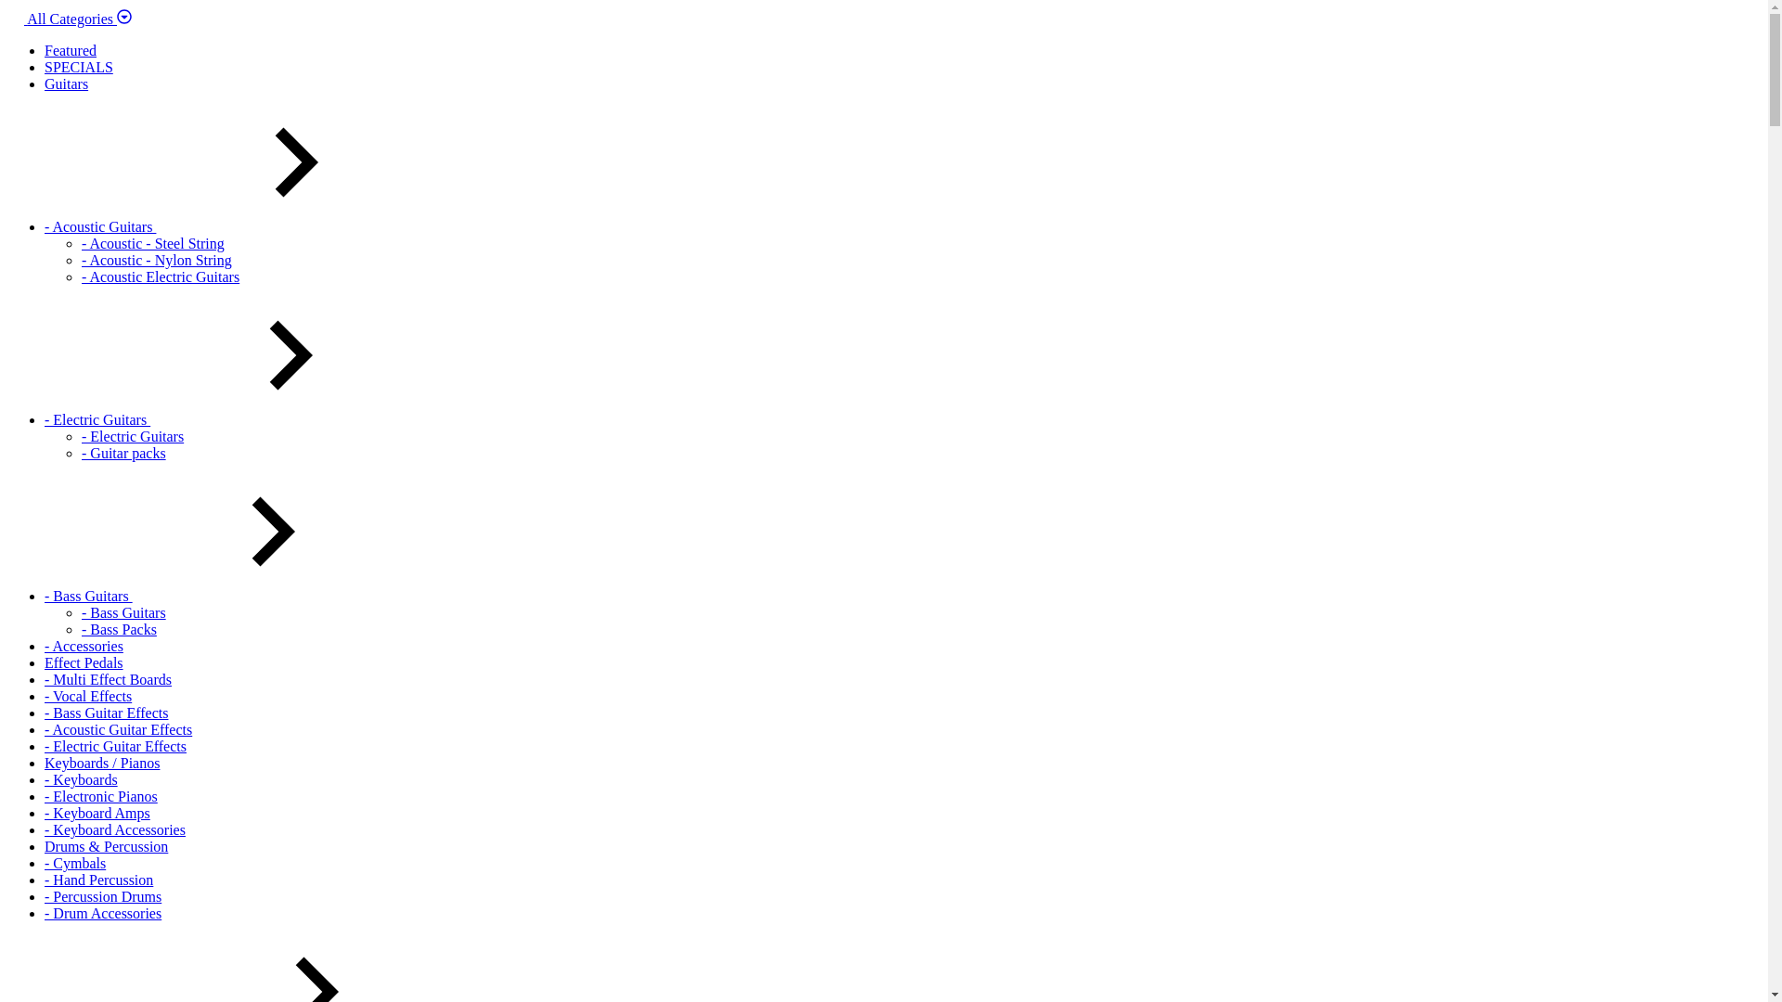 Image resolution: width=1782 pixels, height=1002 pixels. Describe the element at coordinates (83, 645) in the screenshot. I see `'- Accessories'` at that location.